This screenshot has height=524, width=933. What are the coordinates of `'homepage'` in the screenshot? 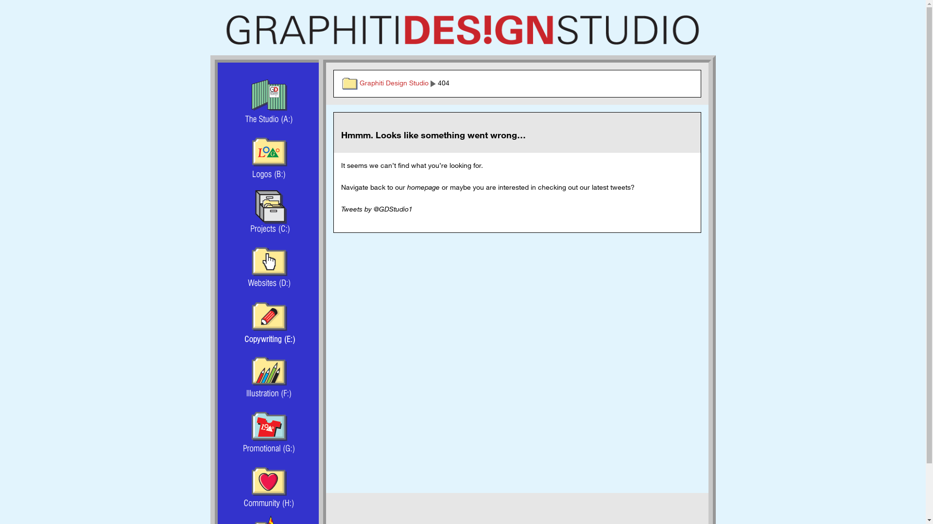 It's located at (407, 187).